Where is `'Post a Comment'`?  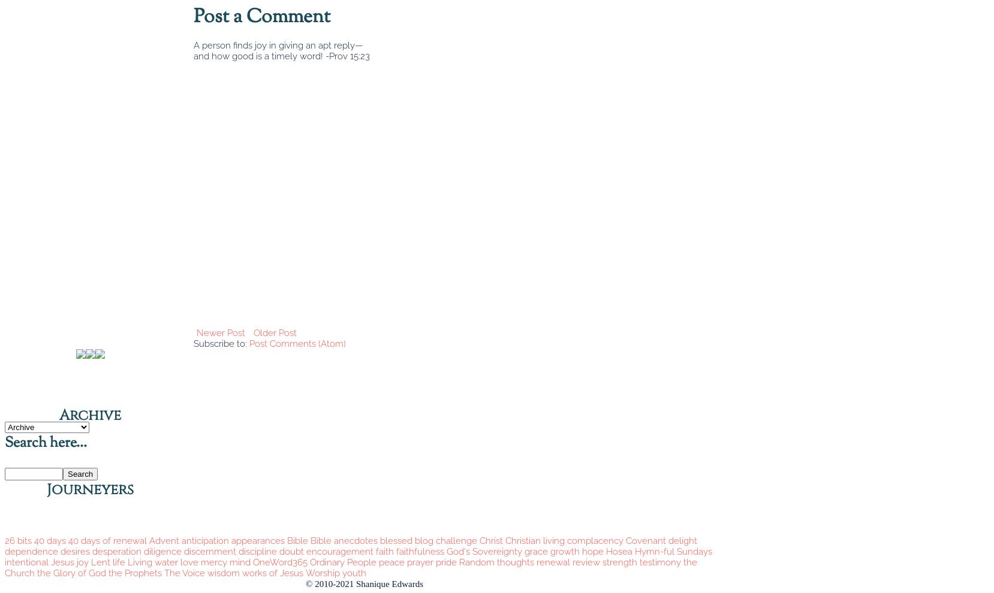 'Post a Comment' is located at coordinates (262, 17).